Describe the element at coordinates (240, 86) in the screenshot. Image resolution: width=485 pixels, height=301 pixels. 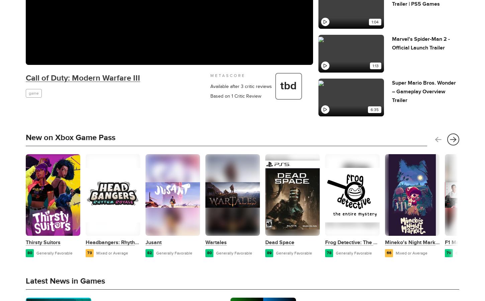
I see `'Available after 3 critic reviews'` at that location.